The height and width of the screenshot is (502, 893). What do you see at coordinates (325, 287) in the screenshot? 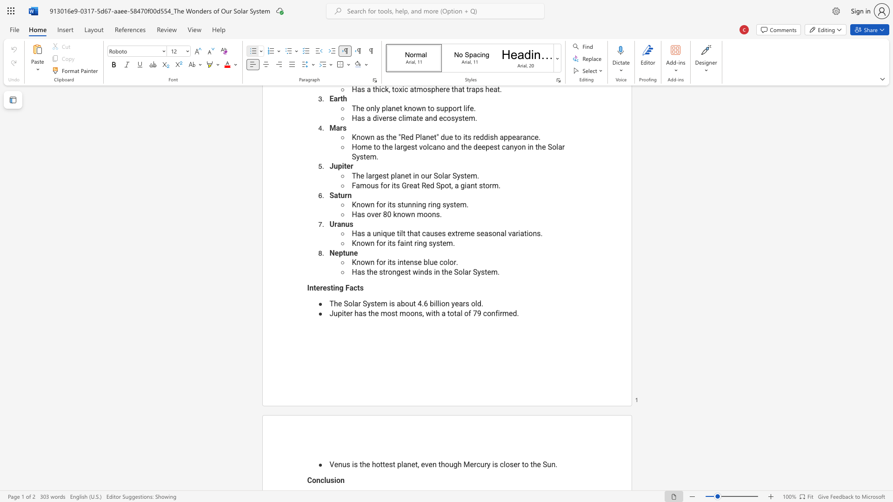
I see `the 2th character "e" in the text` at bounding box center [325, 287].